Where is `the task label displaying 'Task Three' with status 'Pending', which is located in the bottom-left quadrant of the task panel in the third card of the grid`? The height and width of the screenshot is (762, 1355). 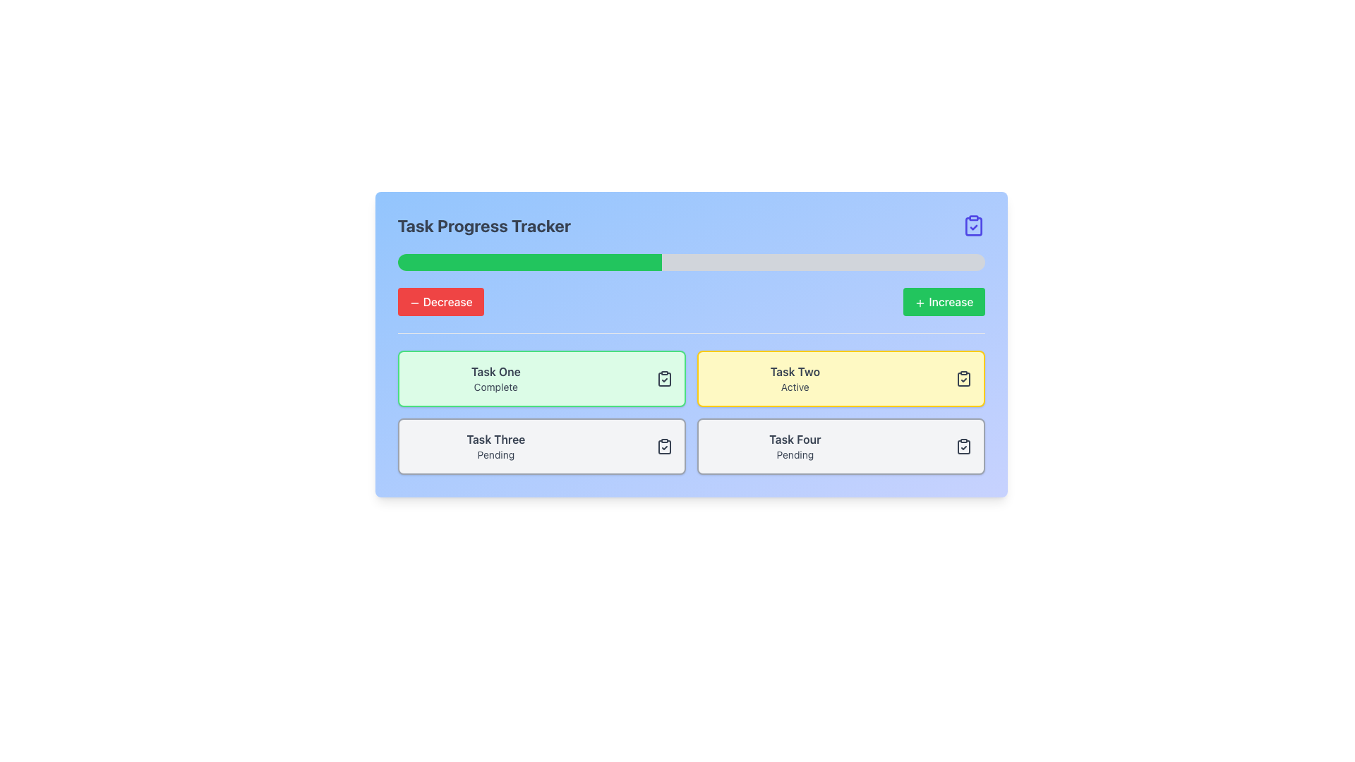
the task label displaying 'Task Three' with status 'Pending', which is located in the bottom-left quadrant of the task panel in the third card of the grid is located at coordinates (495, 446).